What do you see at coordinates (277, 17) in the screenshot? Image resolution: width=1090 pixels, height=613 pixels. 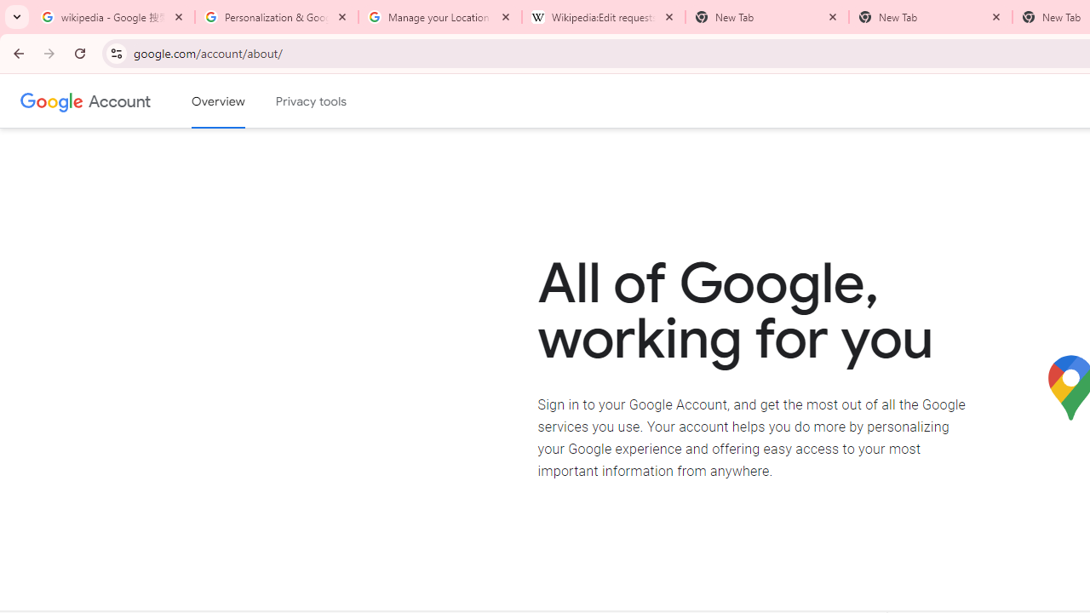 I see `'Personalization & Google Search results - Google Search Help'` at bounding box center [277, 17].